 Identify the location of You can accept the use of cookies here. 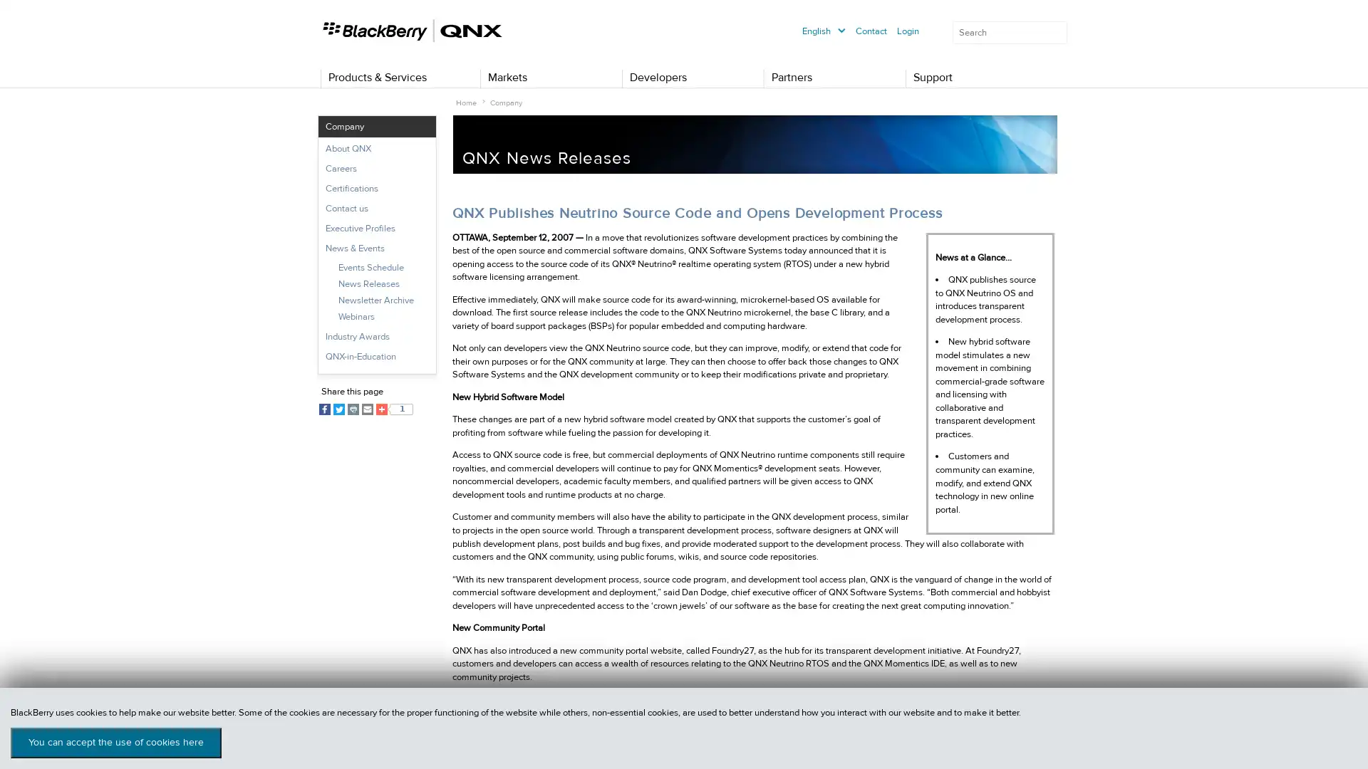
(116, 742).